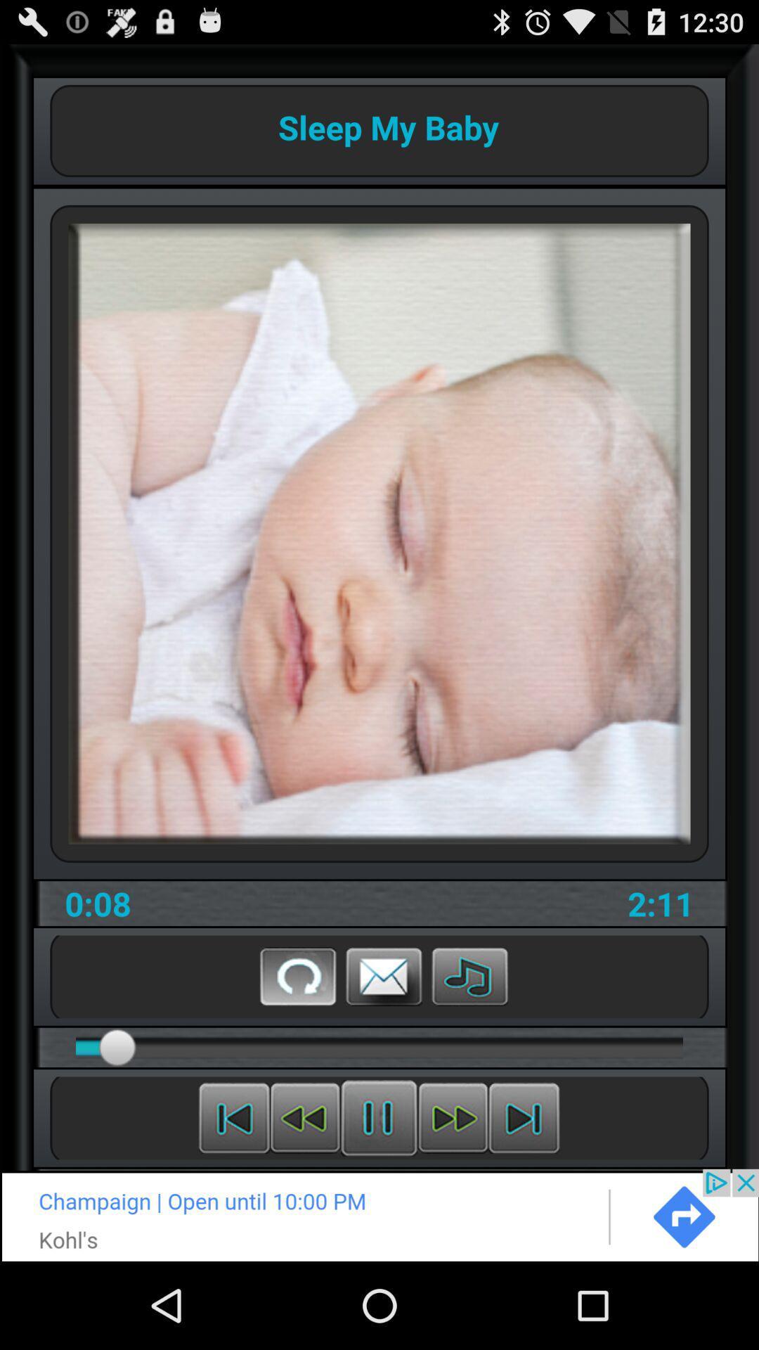  I want to click on the av_rewind icon, so click(304, 1196).